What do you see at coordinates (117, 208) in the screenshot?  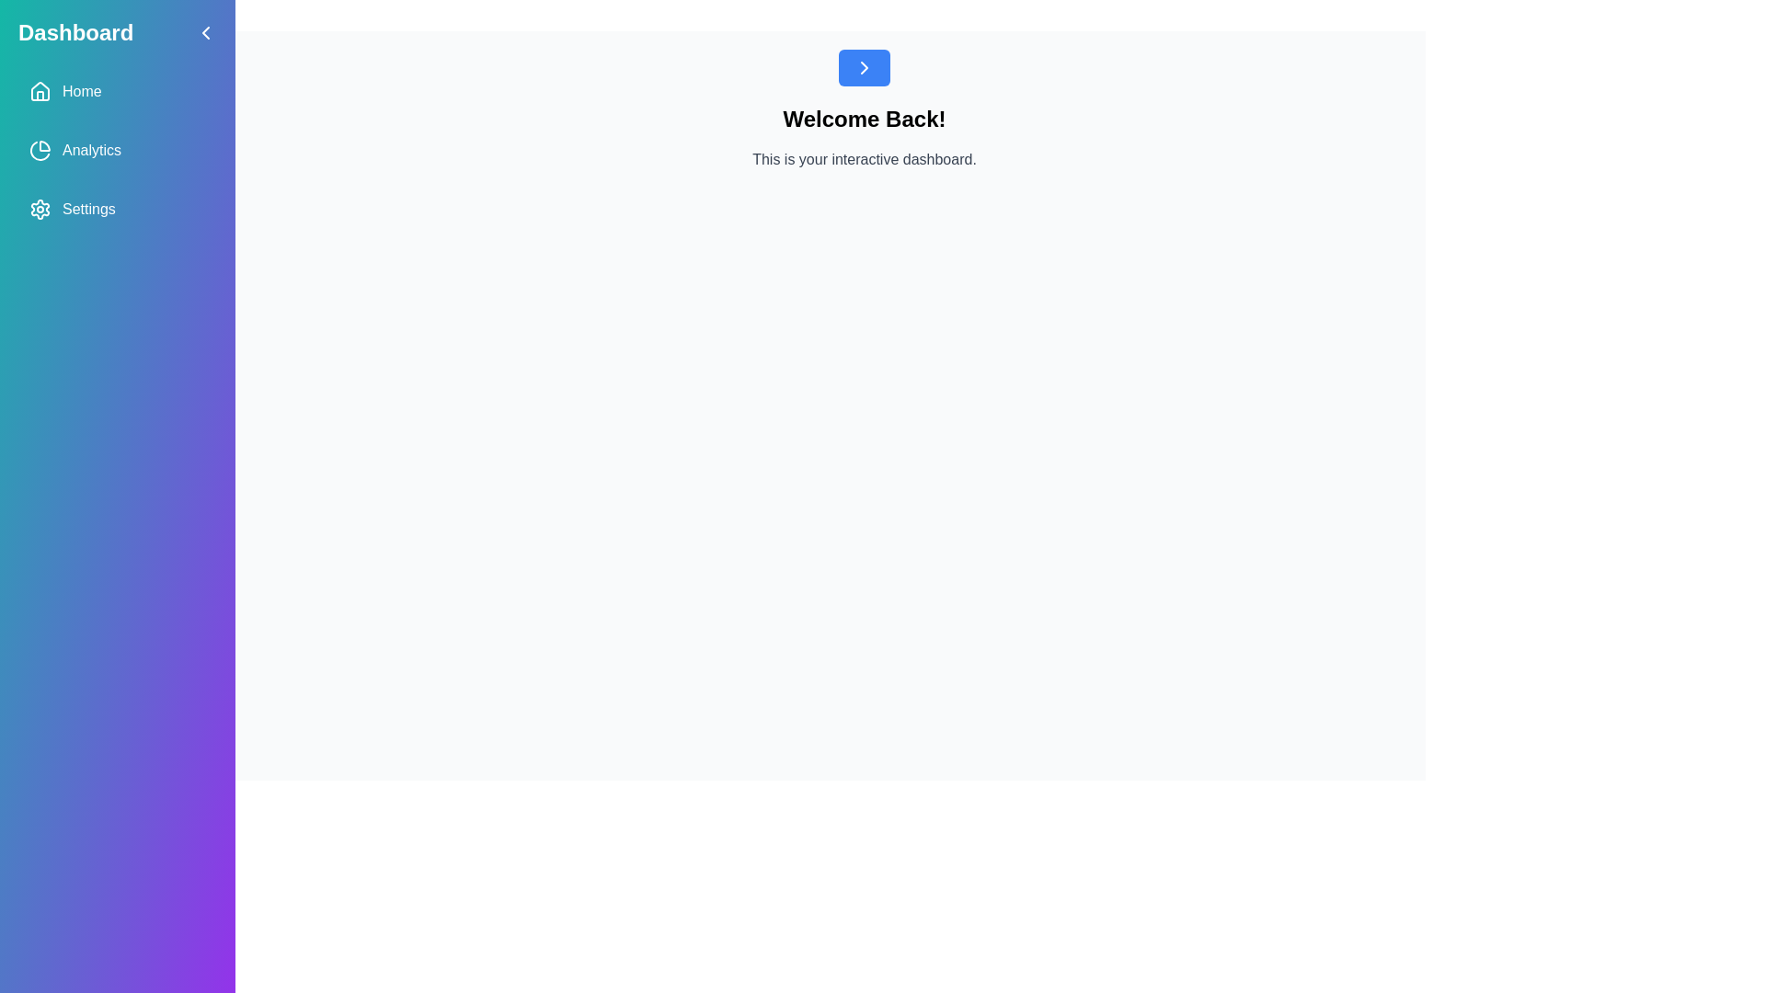 I see `the menu item Settings in the drawer` at bounding box center [117, 208].